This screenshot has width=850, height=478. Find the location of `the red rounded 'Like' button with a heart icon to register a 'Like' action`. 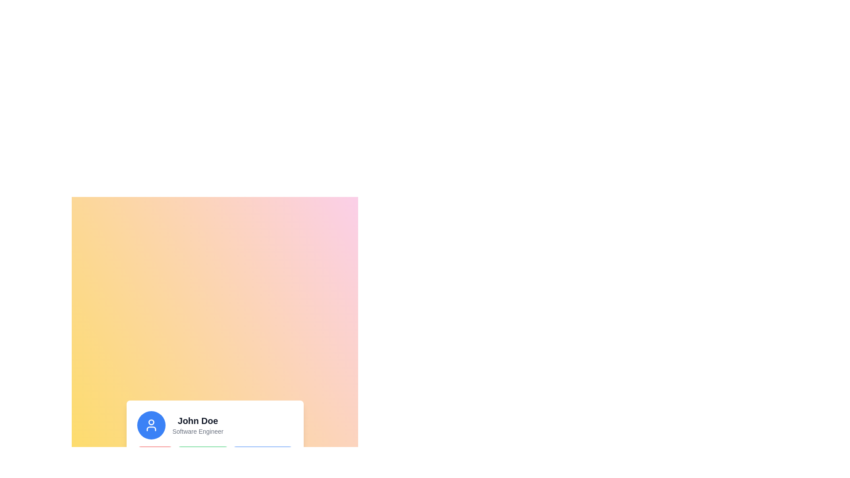

the red rounded 'Like' button with a heart icon to register a 'Like' action is located at coordinates (155, 454).